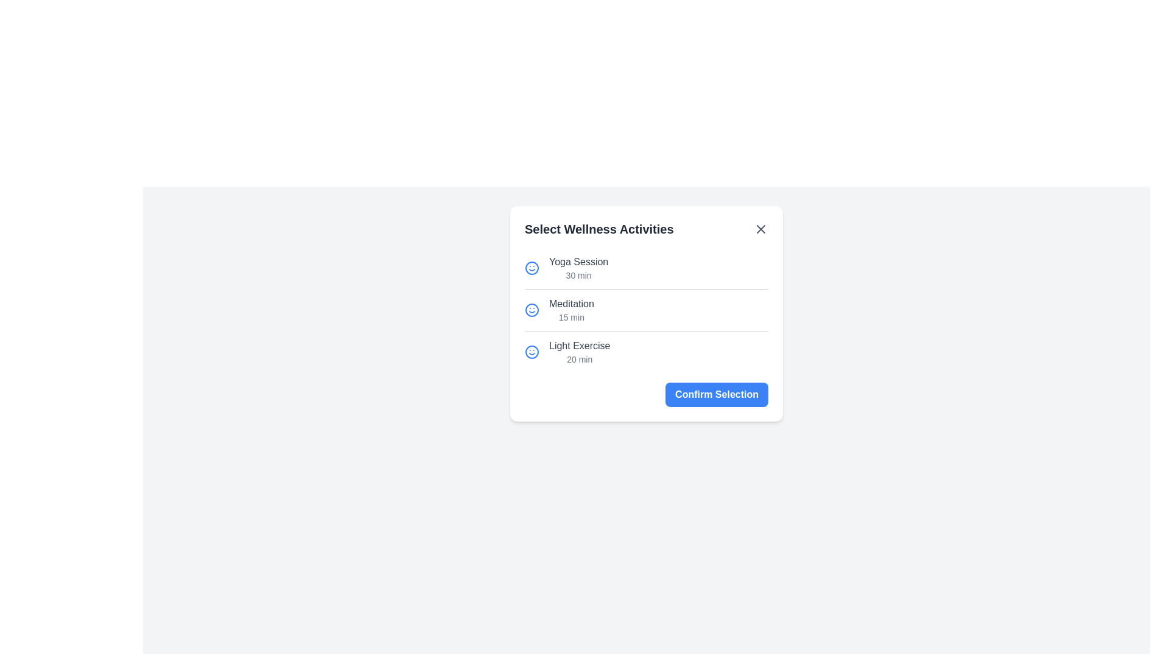  Describe the element at coordinates (645, 267) in the screenshot. I see `the activity Yoga Session by clicking on it` at that location.